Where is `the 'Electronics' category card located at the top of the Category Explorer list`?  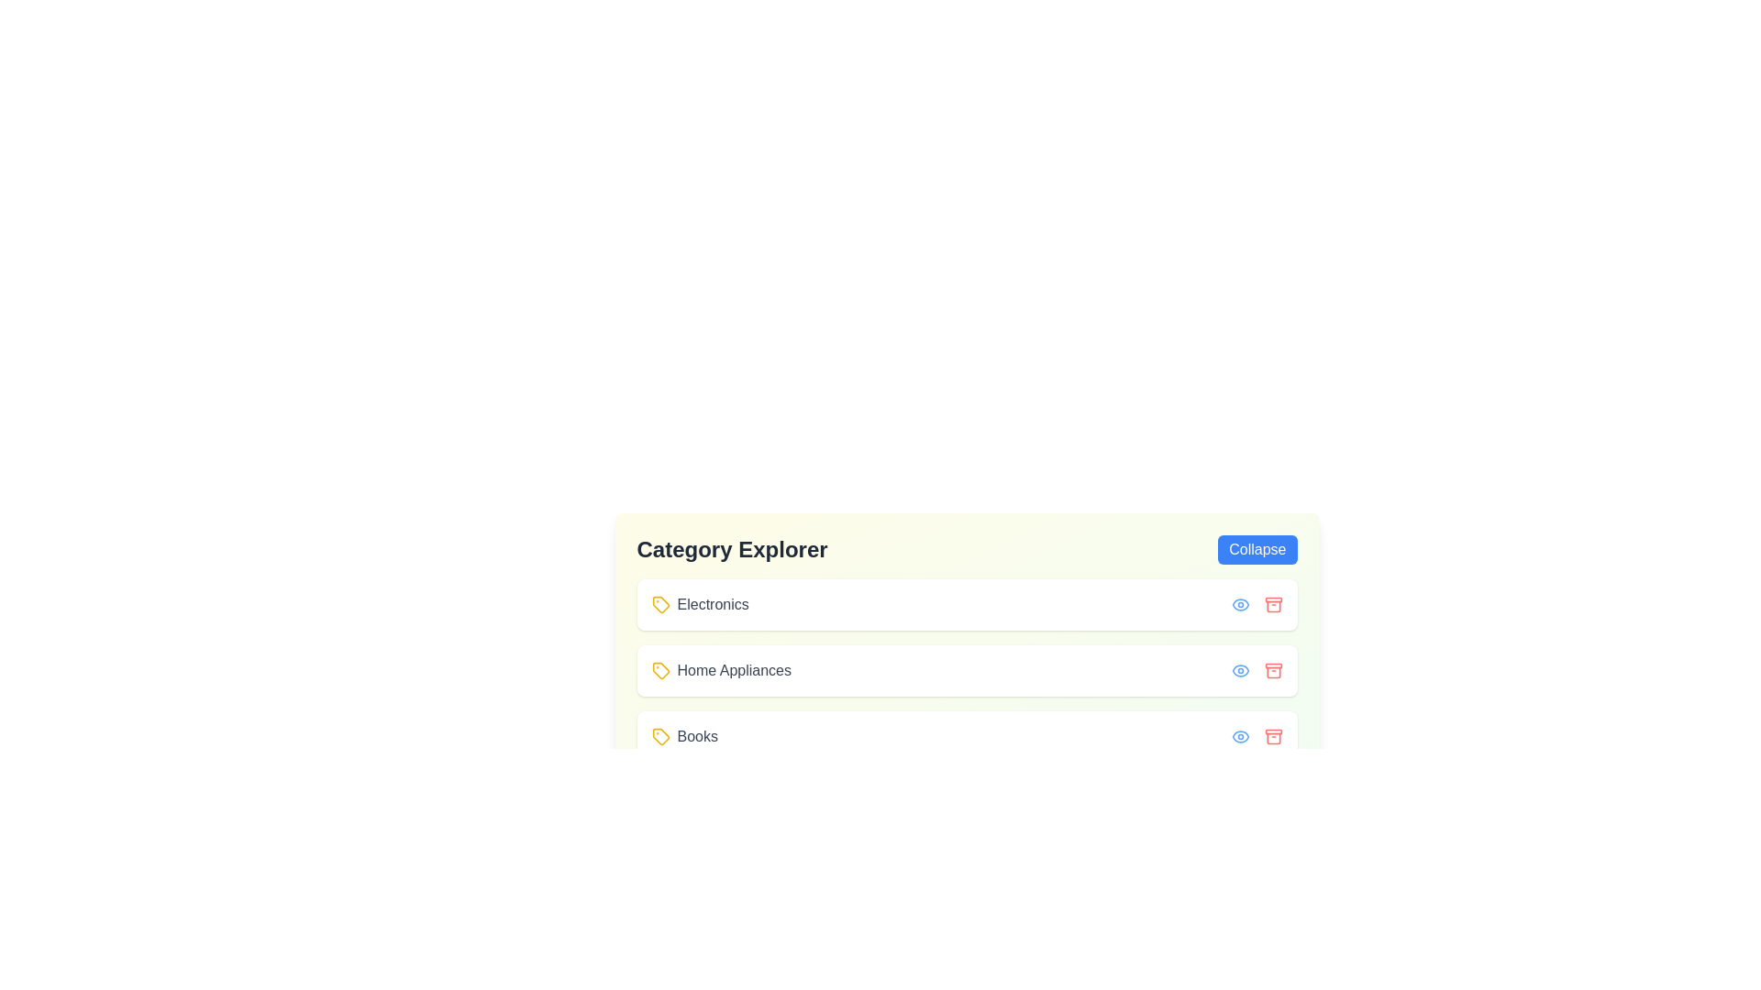
the 'Electronics' category card located at the top of the Category Explorer list is located at coordinates (966, 604).